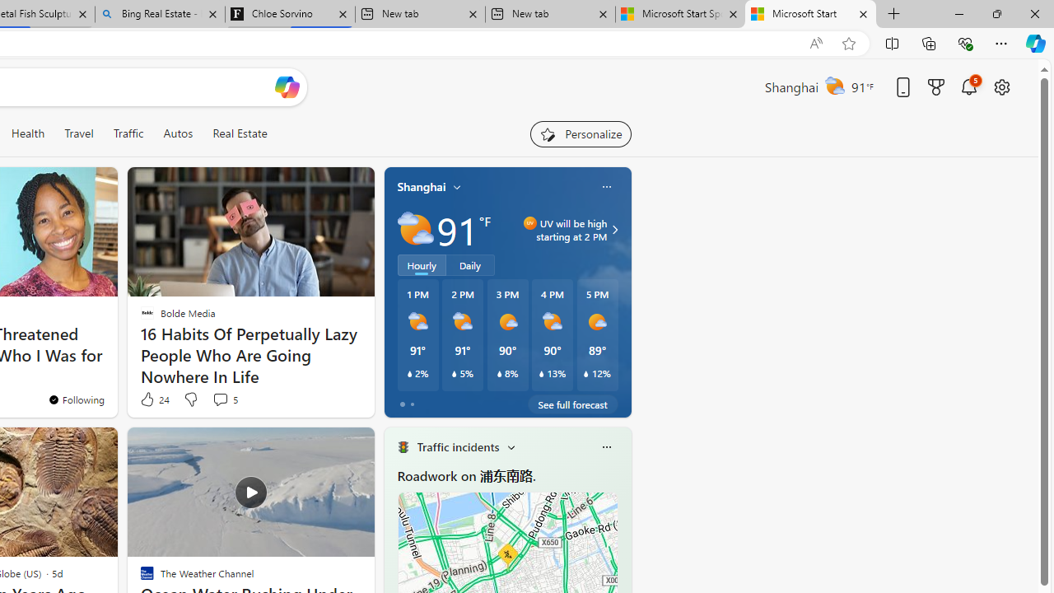 The image size is (1054, 593). Describe the element at coordinates (469, 264) in the screenshot. I see `'Daily'` at that location.